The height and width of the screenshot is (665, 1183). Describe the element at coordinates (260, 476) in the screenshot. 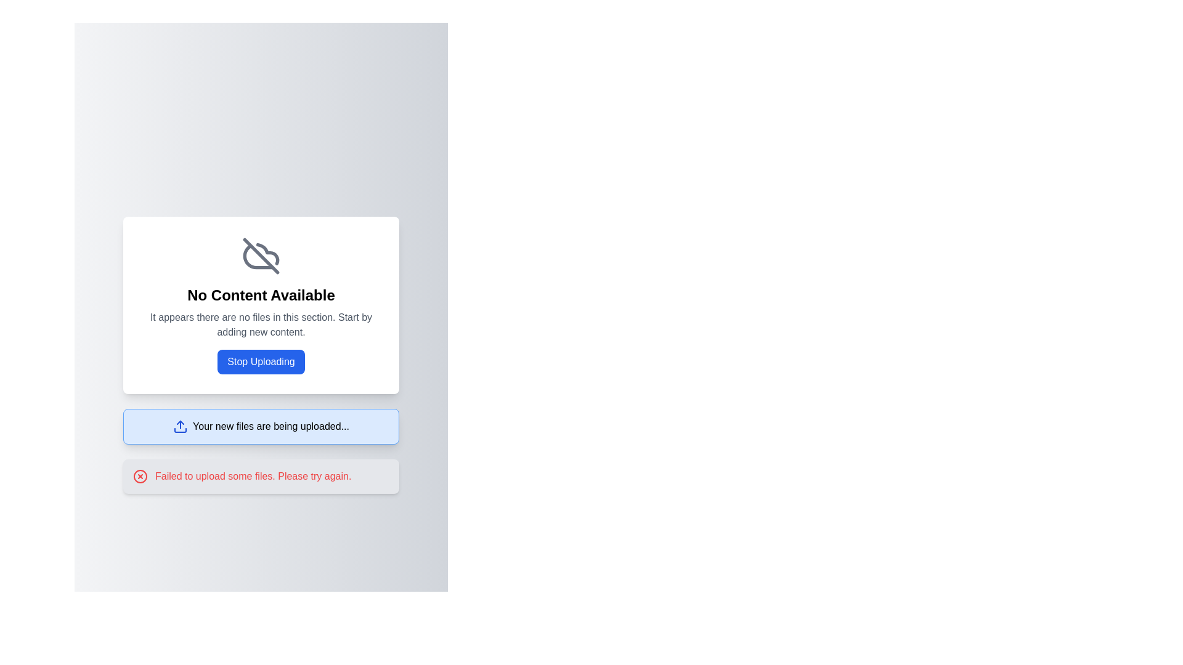

I see `error message displayed in the Notification box with a red error icon stating 'Failed to upload some files. Please try again.'` at that location.